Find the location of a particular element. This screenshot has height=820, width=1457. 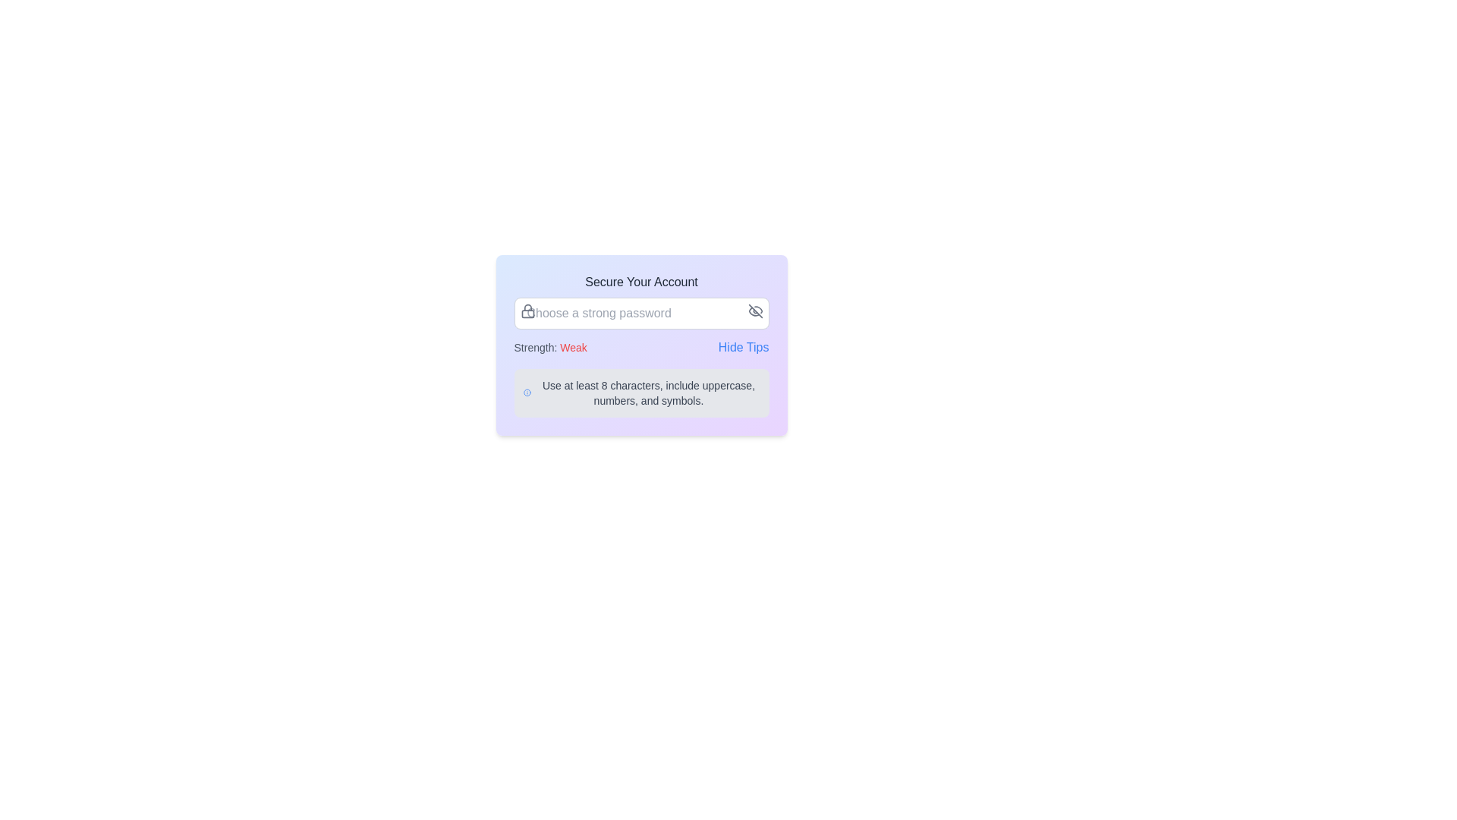

the lock icon located at the upper-left corner of the password input field, which features a dark gray outline and is styled compactly is located at coordinates (527, 310).